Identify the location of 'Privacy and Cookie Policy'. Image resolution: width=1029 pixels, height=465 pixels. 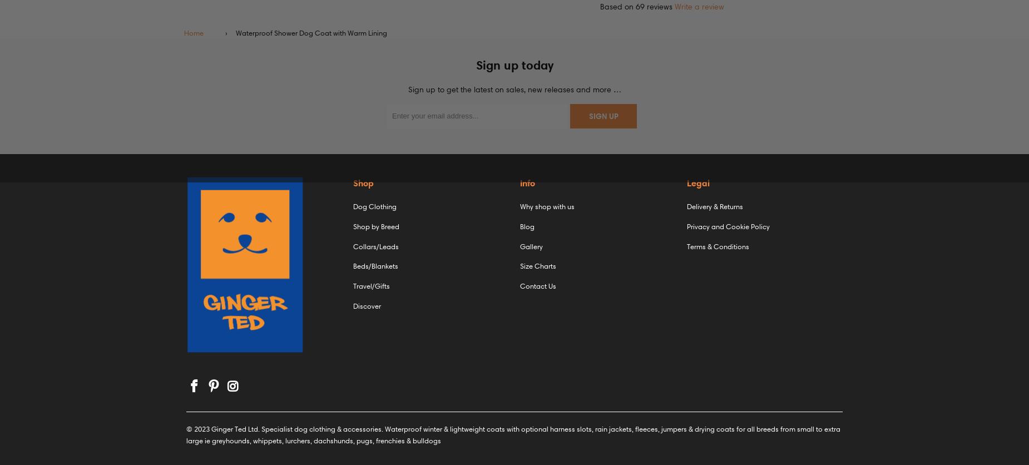
(728, 225).